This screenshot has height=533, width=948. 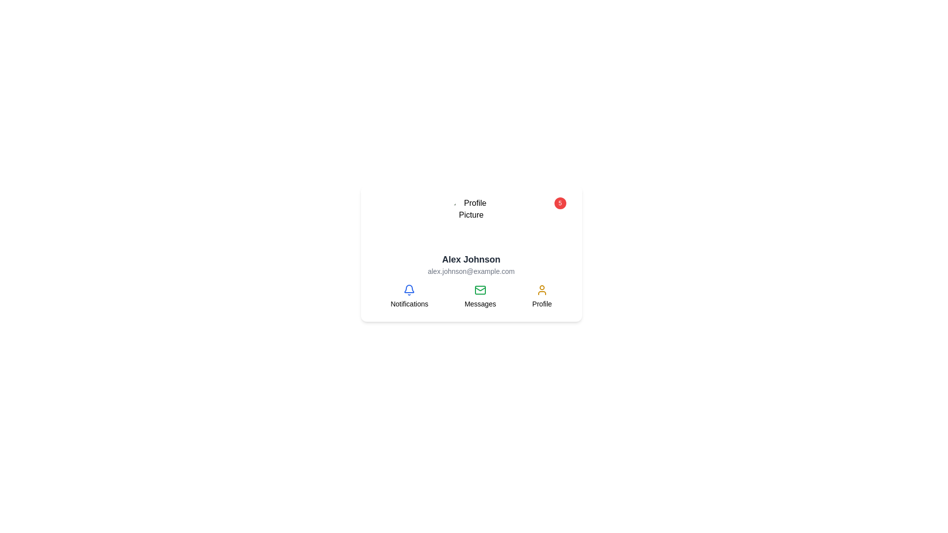 What do you see at coordinates (471, 296) in the screenshot?
I see `the 'Messages' icon located in the center of the navigation bar within the profile card` at bounding box center [471, 296].